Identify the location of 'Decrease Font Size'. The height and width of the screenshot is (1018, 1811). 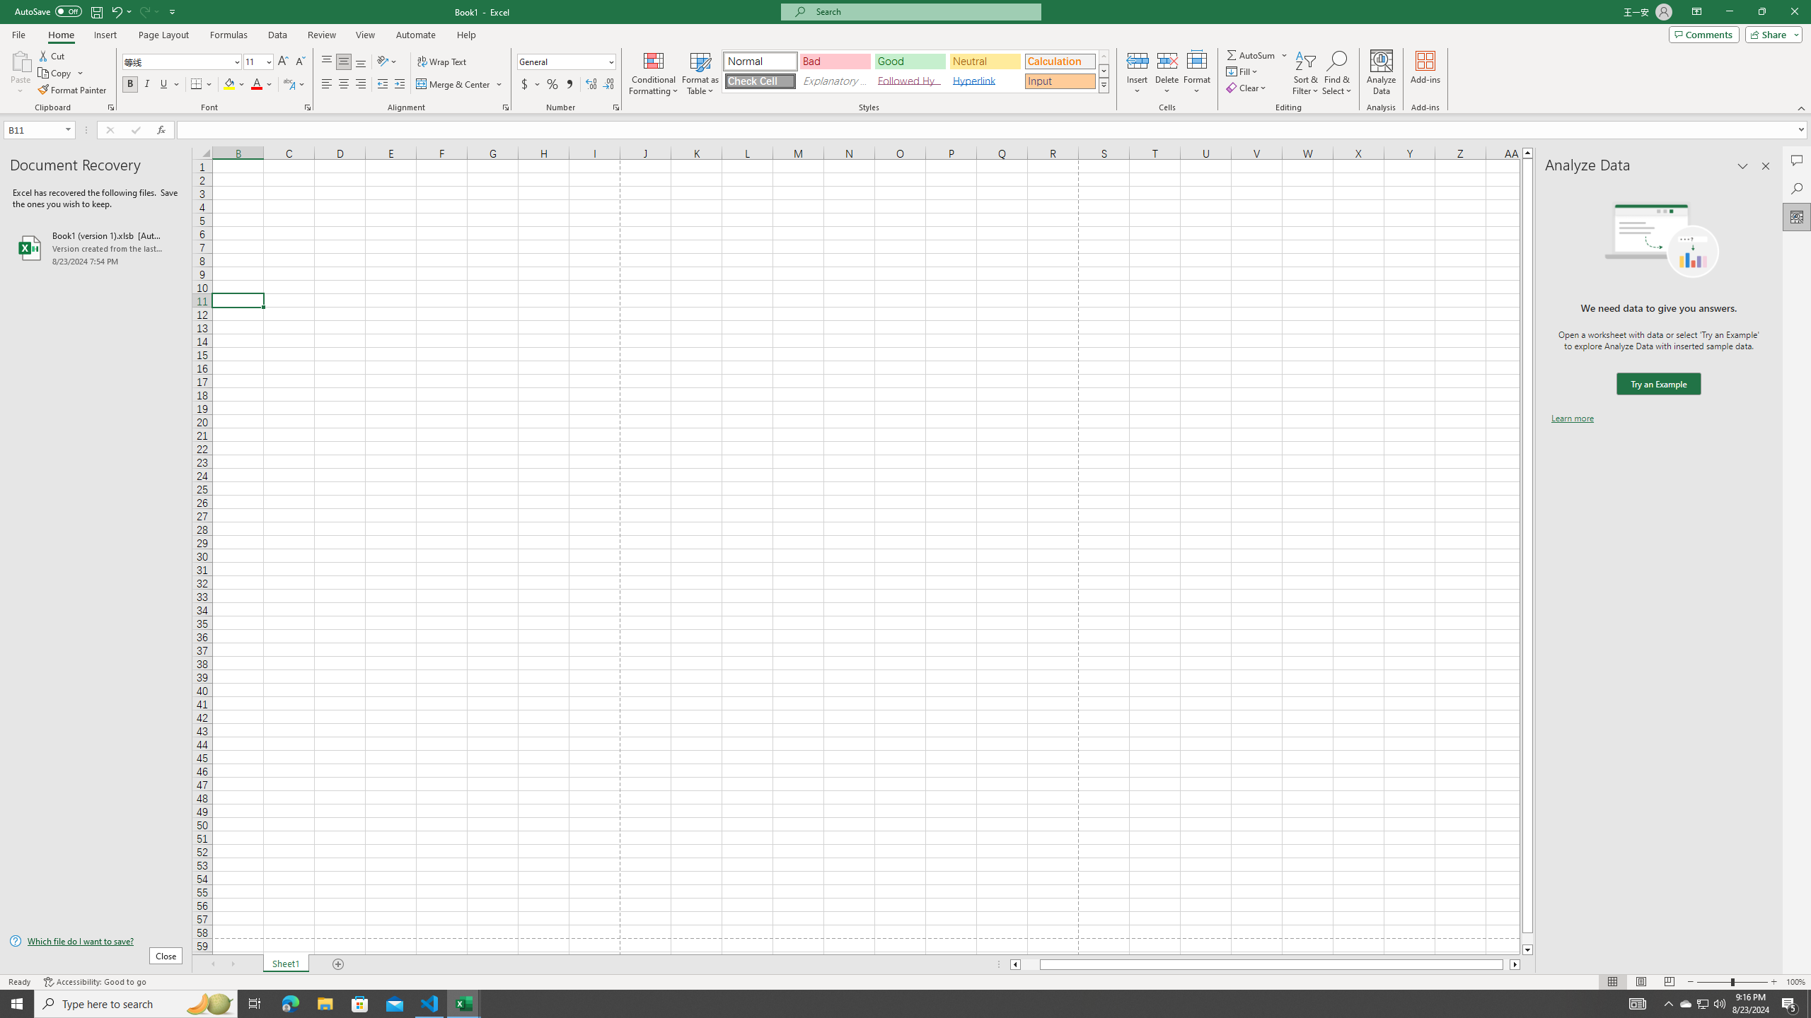
(299, 62).